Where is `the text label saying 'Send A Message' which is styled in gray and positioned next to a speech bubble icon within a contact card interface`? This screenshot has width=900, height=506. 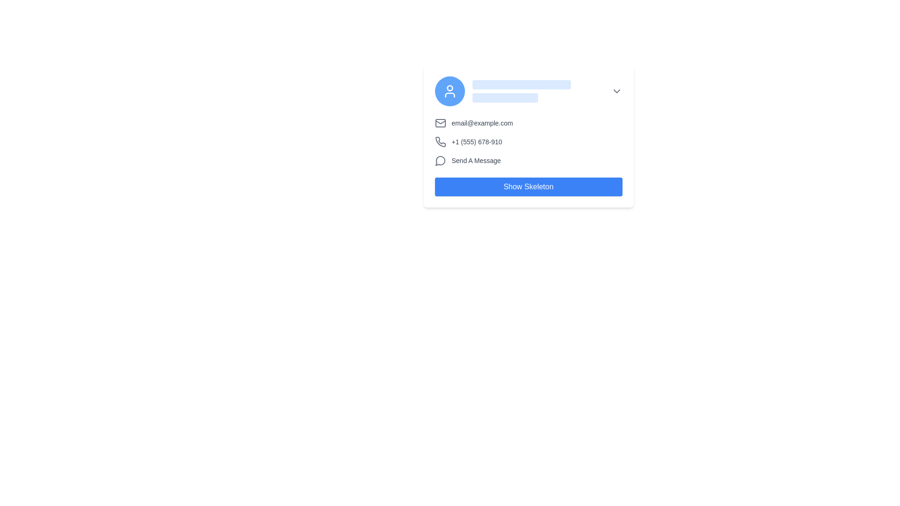 the text label saying 'Send A Message' which is styled in gray and positioned next to a speech bubble icon within a contact card interface is located at coordinates (476, 160).